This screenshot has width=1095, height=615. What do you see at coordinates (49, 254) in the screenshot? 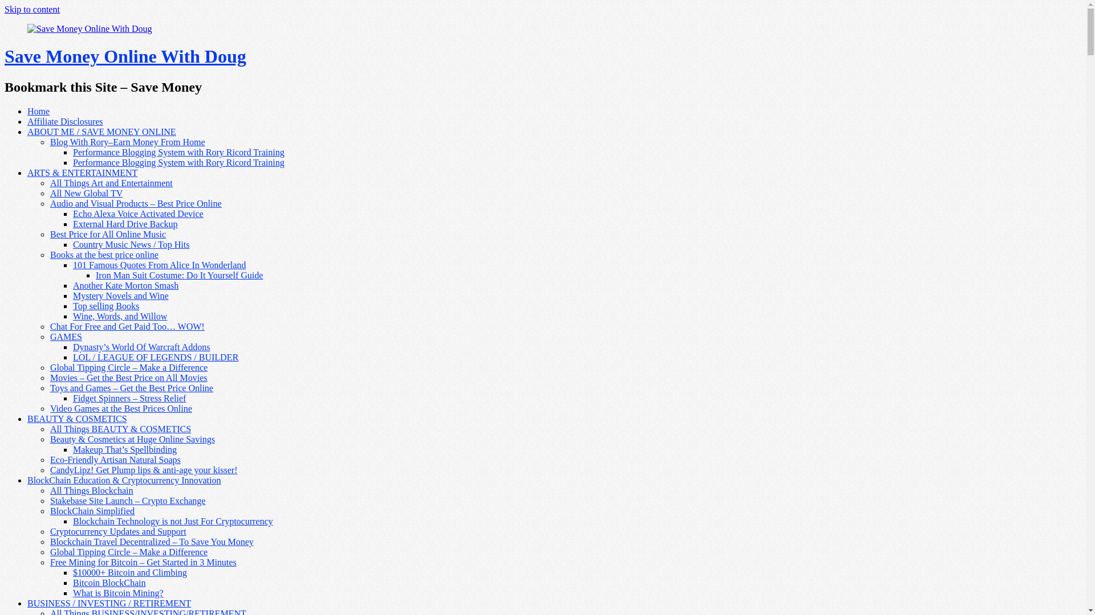
I see `'Books at the best price online'` at bounding box center [49, 254].